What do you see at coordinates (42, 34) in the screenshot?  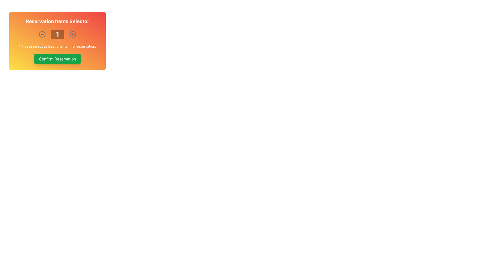 I see `the leftmost button in the horizontal sequence that decreases the quantity of the item by one` at bounding box center [42, 34].